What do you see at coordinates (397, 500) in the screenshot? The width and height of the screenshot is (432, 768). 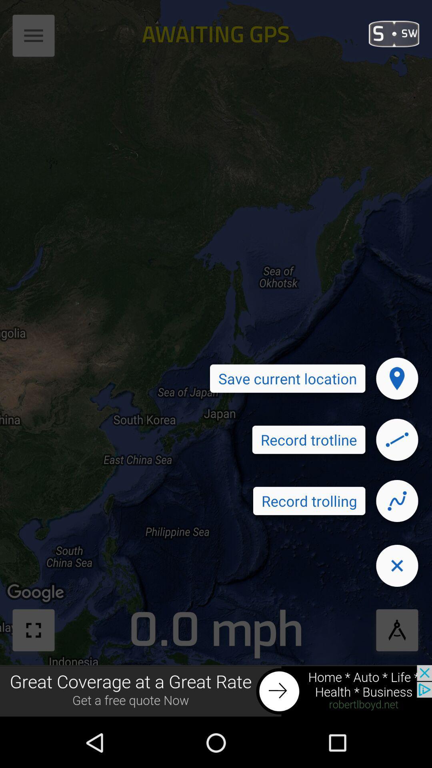 I see `for record trolling` at bounding box center [397, 500].